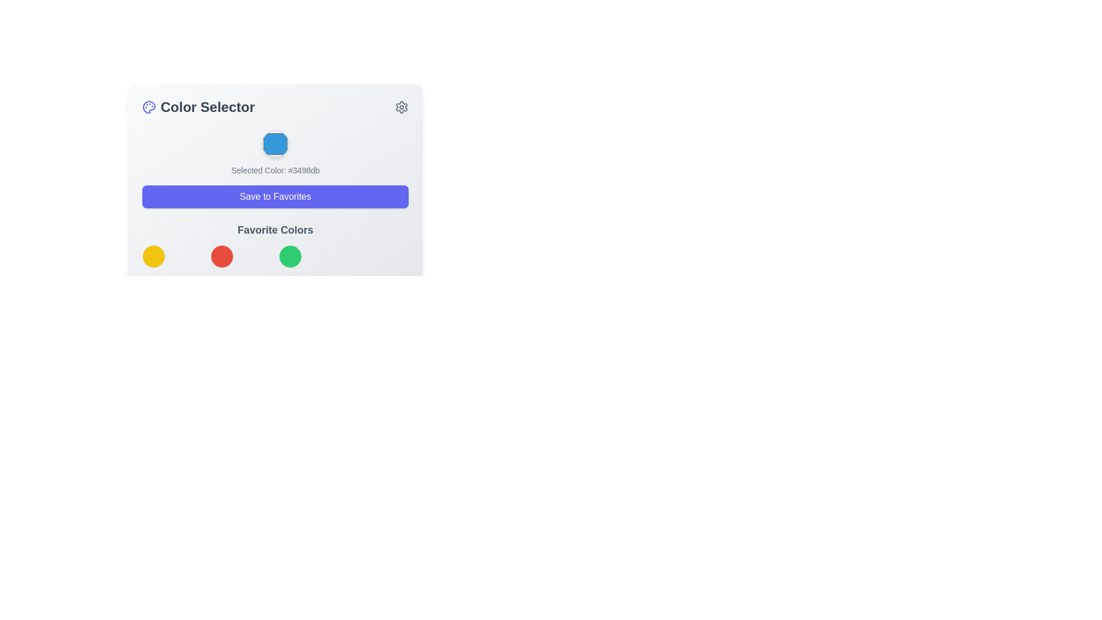 The image size is (1102, 620). Describe the element at coordinates (275, 170) in the screenshot. I see `the Text Label that displays the currently selected color and its hexadecimal code, positioned below the colored hexagon and above the 'Save to Favorites' button` at that location.